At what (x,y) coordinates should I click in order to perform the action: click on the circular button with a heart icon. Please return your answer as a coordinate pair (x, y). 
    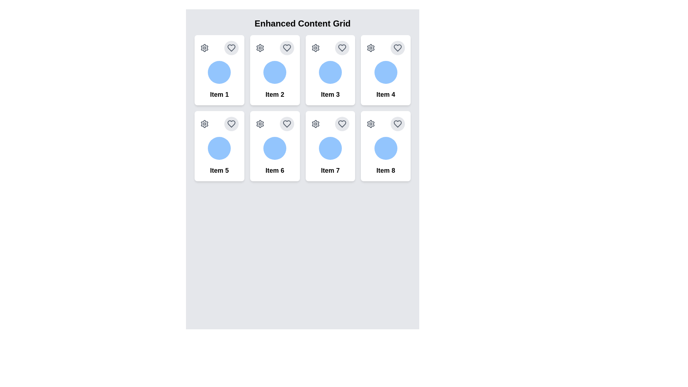
    Looking at the image, I should click on (342, 124).